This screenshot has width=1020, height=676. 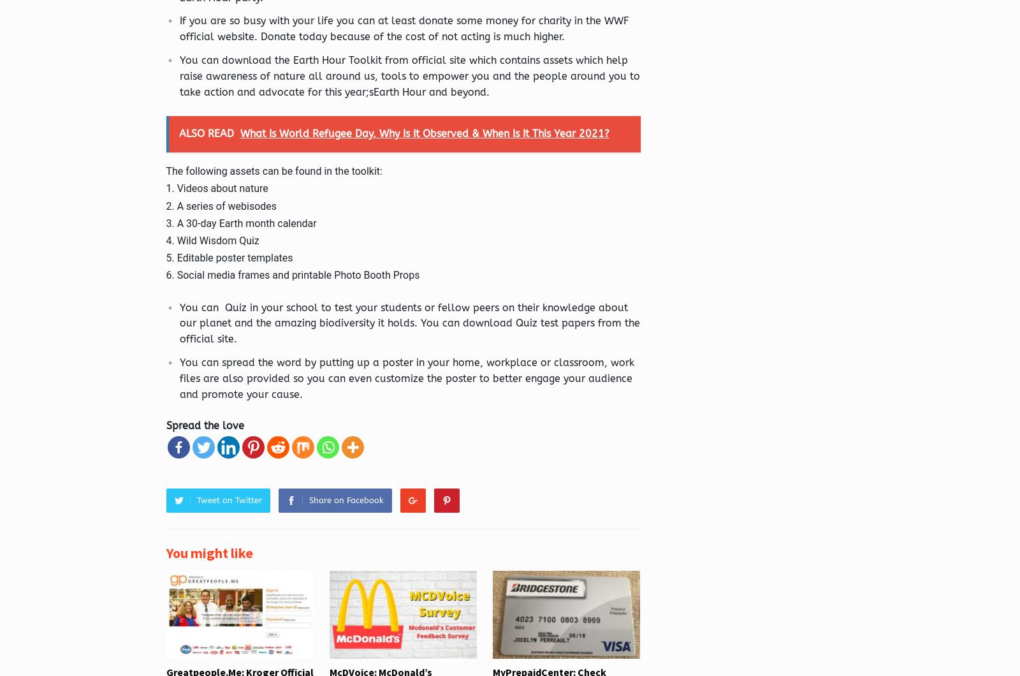 I want to click on 'ALSO READ', so click(x=178, y=133).